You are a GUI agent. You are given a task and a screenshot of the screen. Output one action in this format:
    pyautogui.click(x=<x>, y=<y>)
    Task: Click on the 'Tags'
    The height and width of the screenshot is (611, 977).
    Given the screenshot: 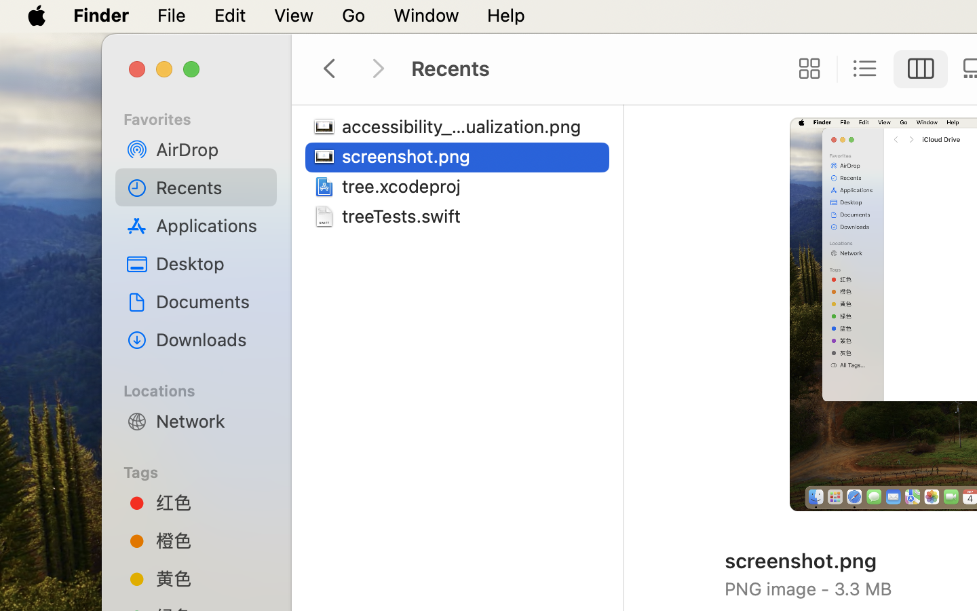 What is the action you would take?
    pyautogui.click(x=203, y=470)
    